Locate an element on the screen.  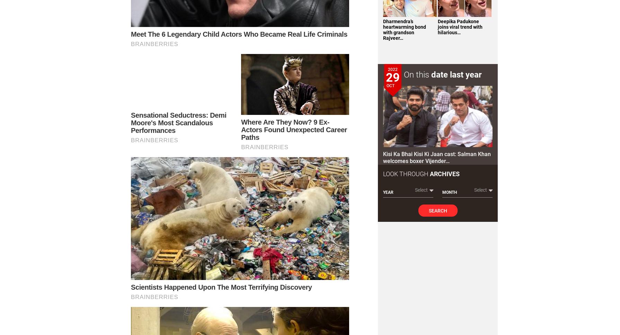
'Look Through' is located at coordinates (406, 173).